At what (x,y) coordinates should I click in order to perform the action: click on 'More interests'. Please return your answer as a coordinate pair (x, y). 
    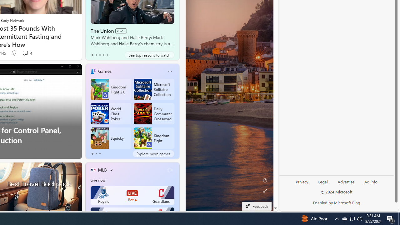
    Looking at the image, I should click on (111, 170).